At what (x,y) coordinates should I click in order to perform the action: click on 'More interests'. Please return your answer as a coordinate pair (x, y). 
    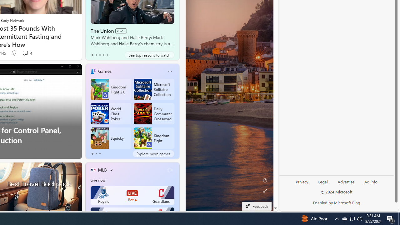
    Looking at the image, I should click on (111, 170).